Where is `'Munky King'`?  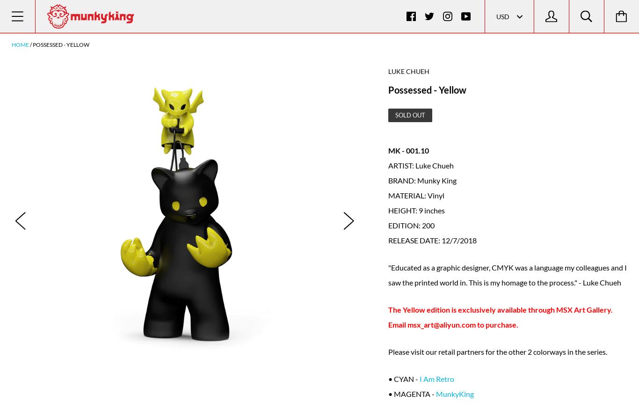 'Munky King' is located at coordinates (436, 180).